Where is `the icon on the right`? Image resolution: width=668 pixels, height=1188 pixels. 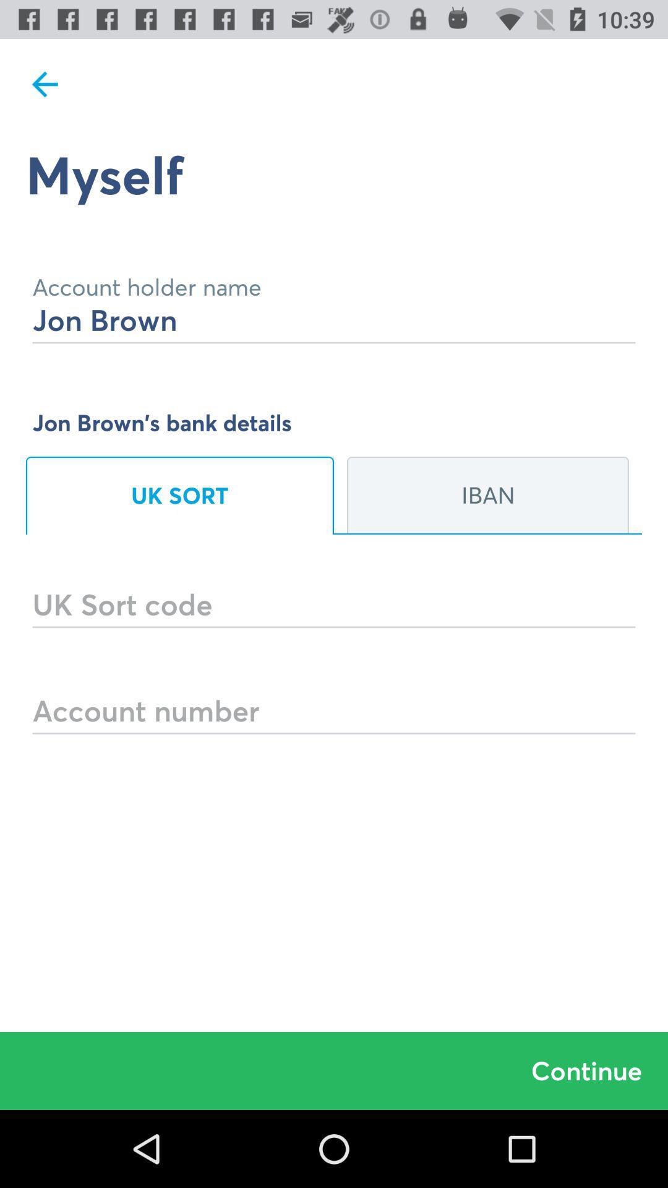 the icon on the right is located at coordinates (487, 496).